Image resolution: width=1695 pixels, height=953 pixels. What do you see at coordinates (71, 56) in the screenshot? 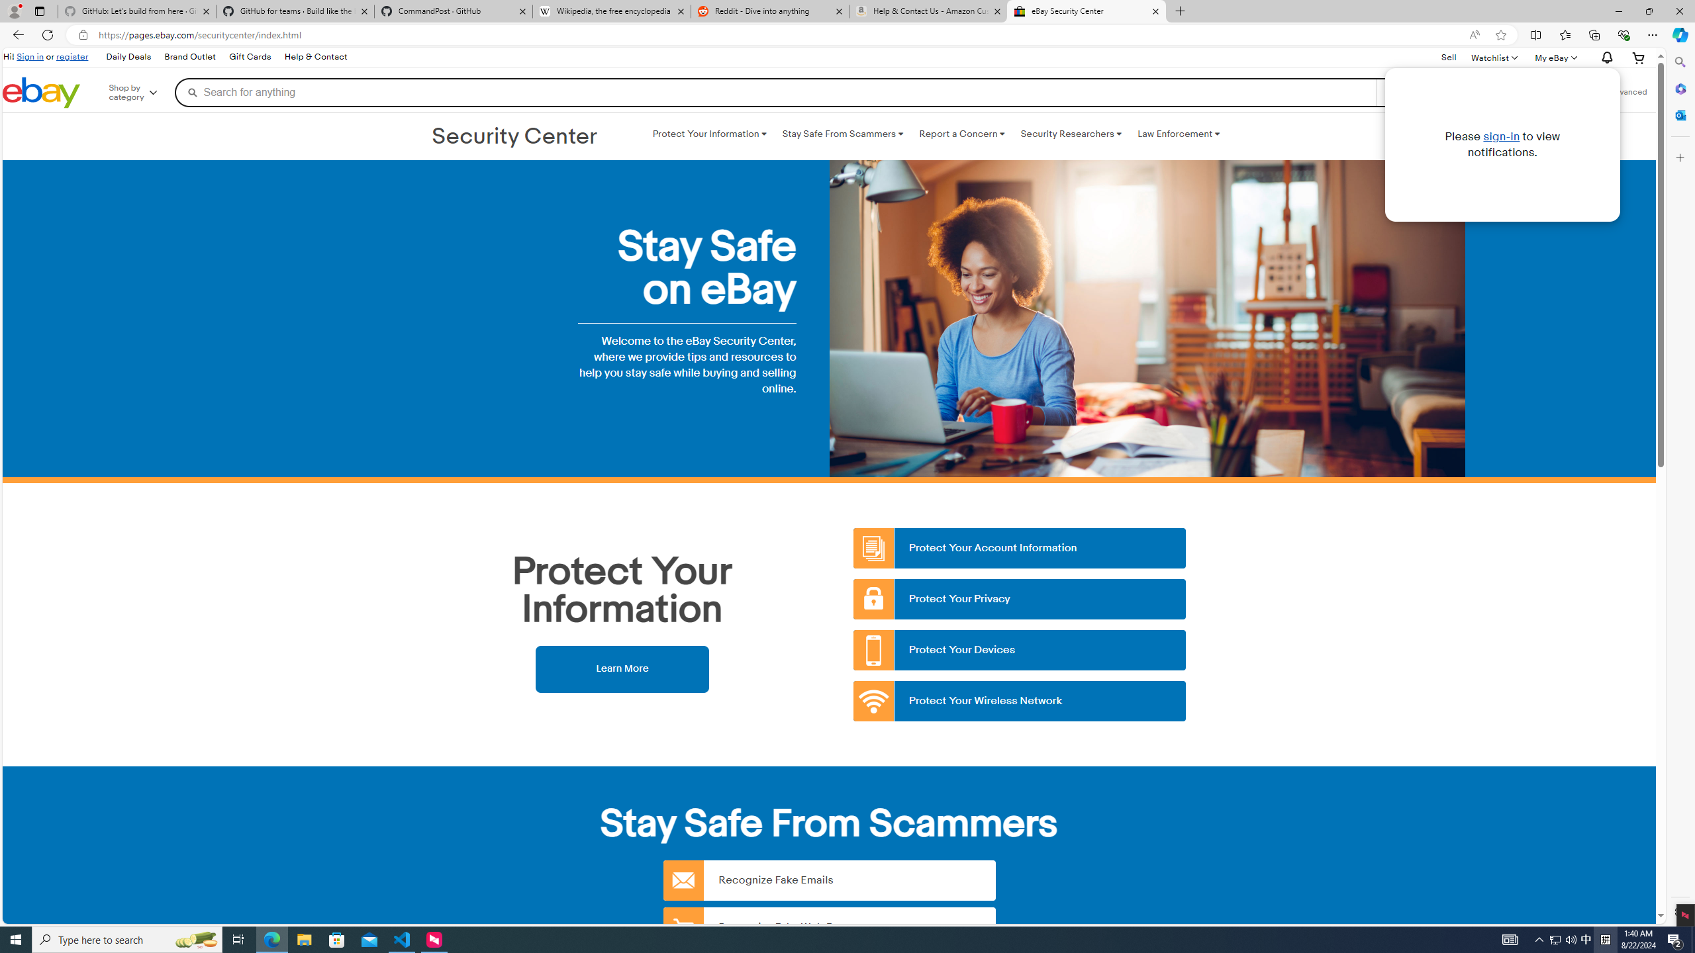
I see `'register'` at bounding box center [71, 56].